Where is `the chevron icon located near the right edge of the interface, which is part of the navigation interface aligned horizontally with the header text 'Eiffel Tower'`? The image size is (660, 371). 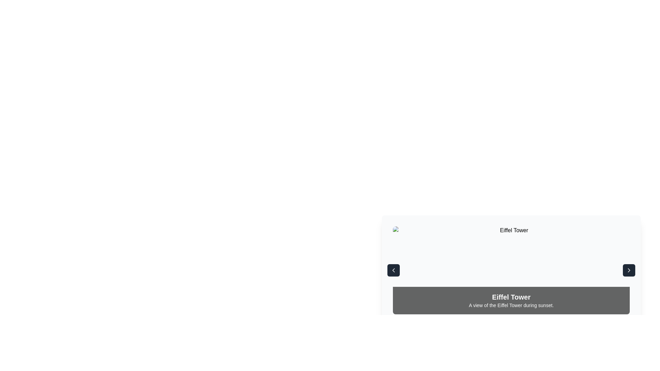
the chevron icon located near the right edge of the interface, which is part of the navigation interface aligned horizontally with the header text 'Eiffel Tower' is located at coordinates (629, 270).